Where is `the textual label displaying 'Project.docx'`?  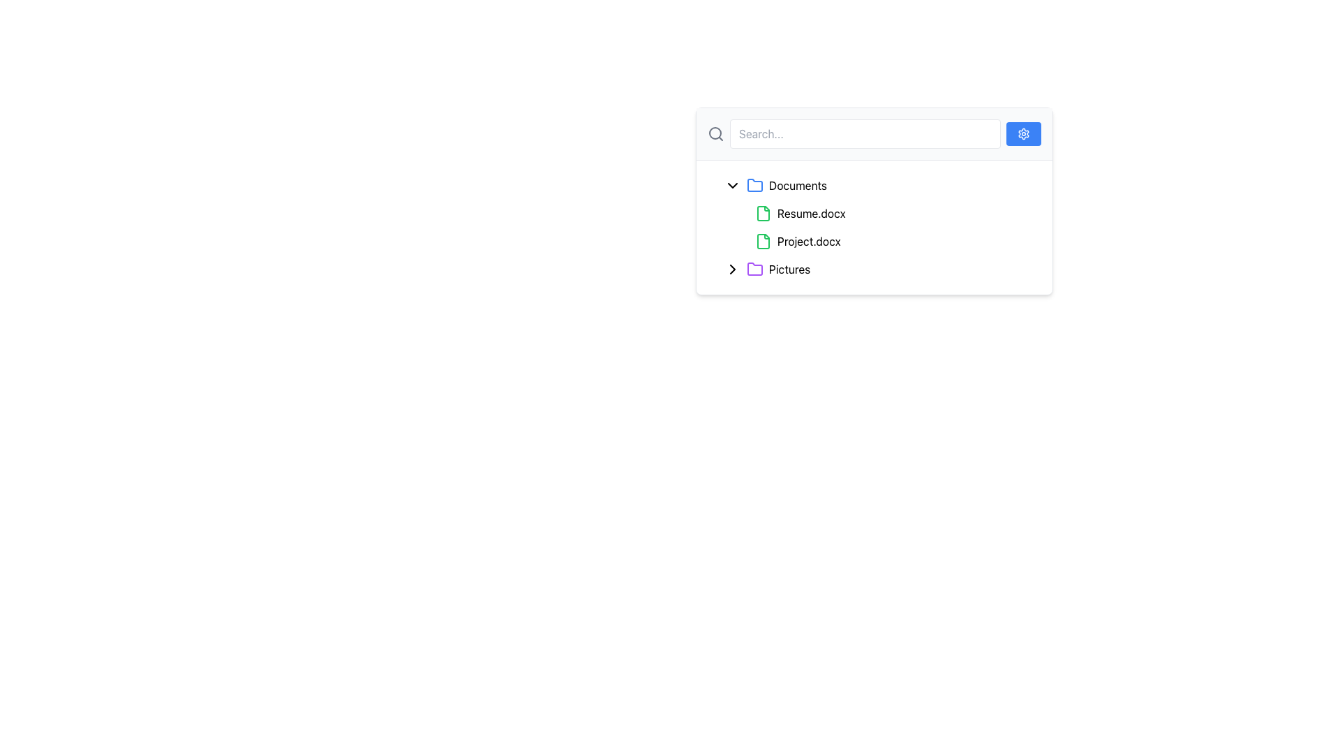 the textual label displaying 'Project.docx' is located at coordinates (809, 241).